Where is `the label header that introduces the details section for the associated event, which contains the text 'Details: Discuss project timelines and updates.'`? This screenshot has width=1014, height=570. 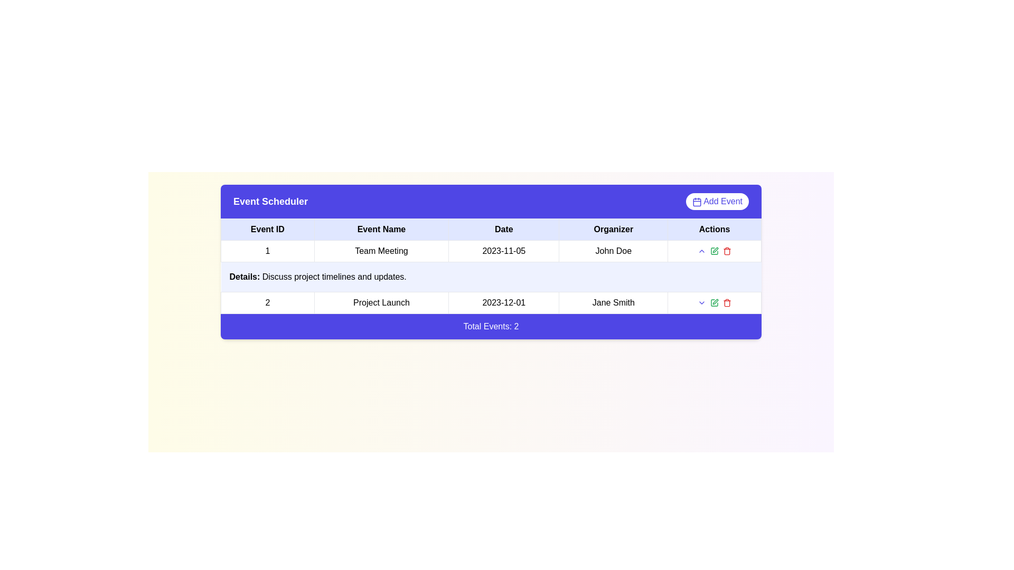
the label header that introduces the details section for the associated event, which contains the text 'Details: Discuss project timelines and updates.' is located at coordinates (244, 276).